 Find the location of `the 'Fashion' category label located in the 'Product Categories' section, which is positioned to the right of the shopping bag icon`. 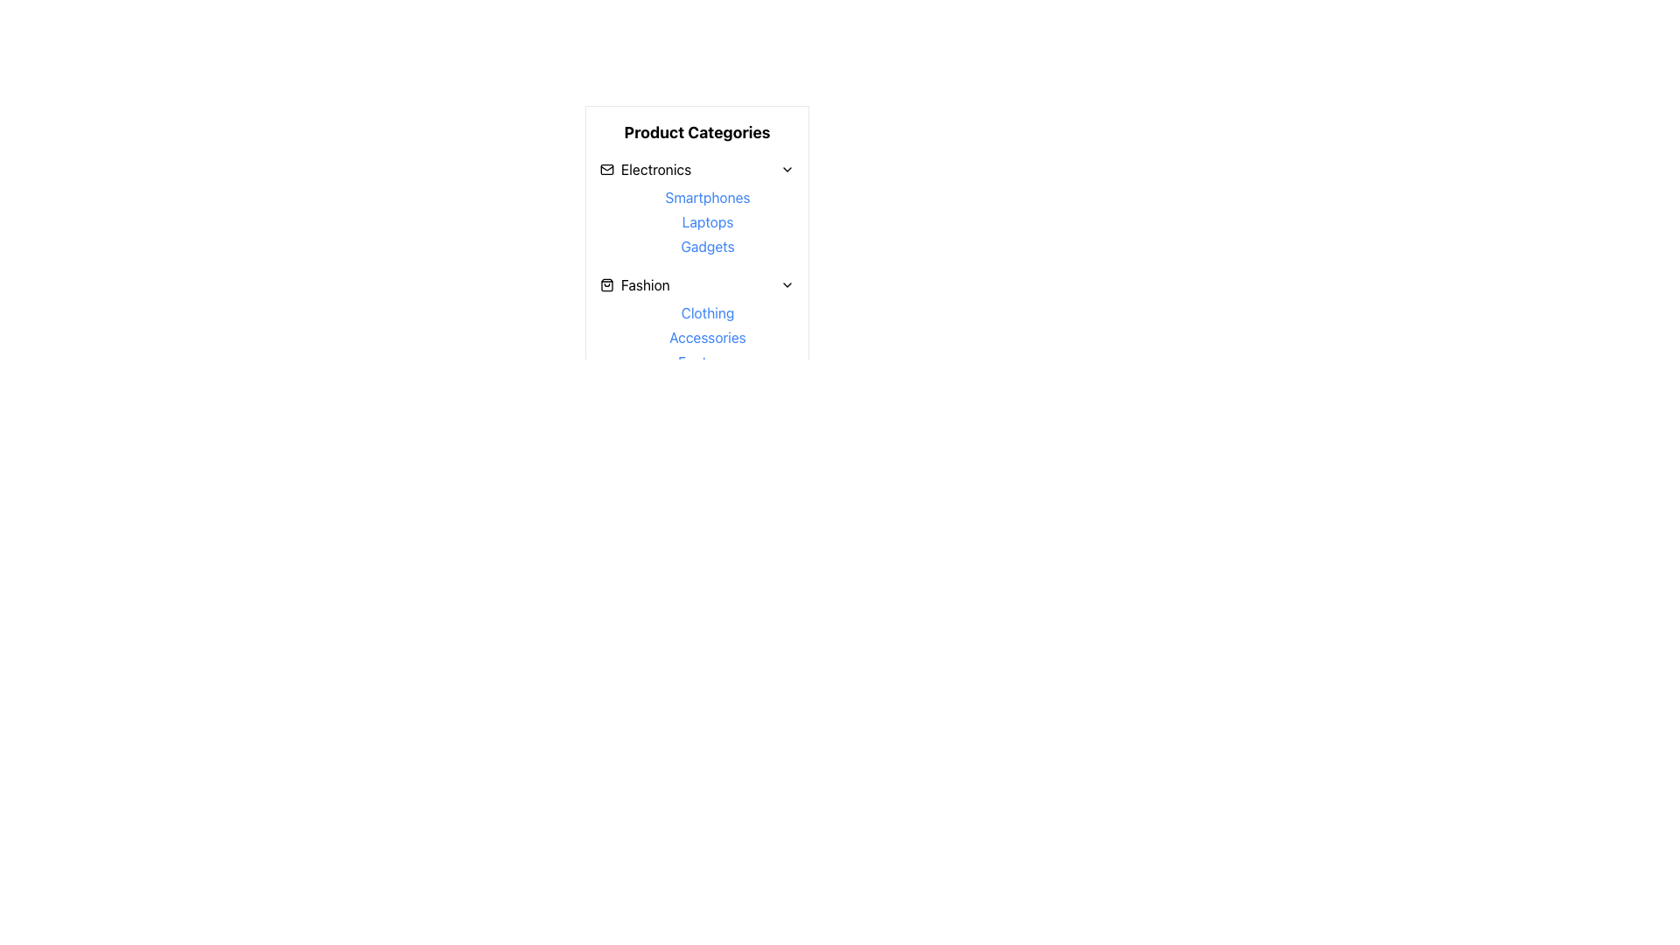

the 'Fashion' category label located in the 'Product Categories' section, which is positioned to the right of the shopping bag icon is located at coordinates (644, 284).